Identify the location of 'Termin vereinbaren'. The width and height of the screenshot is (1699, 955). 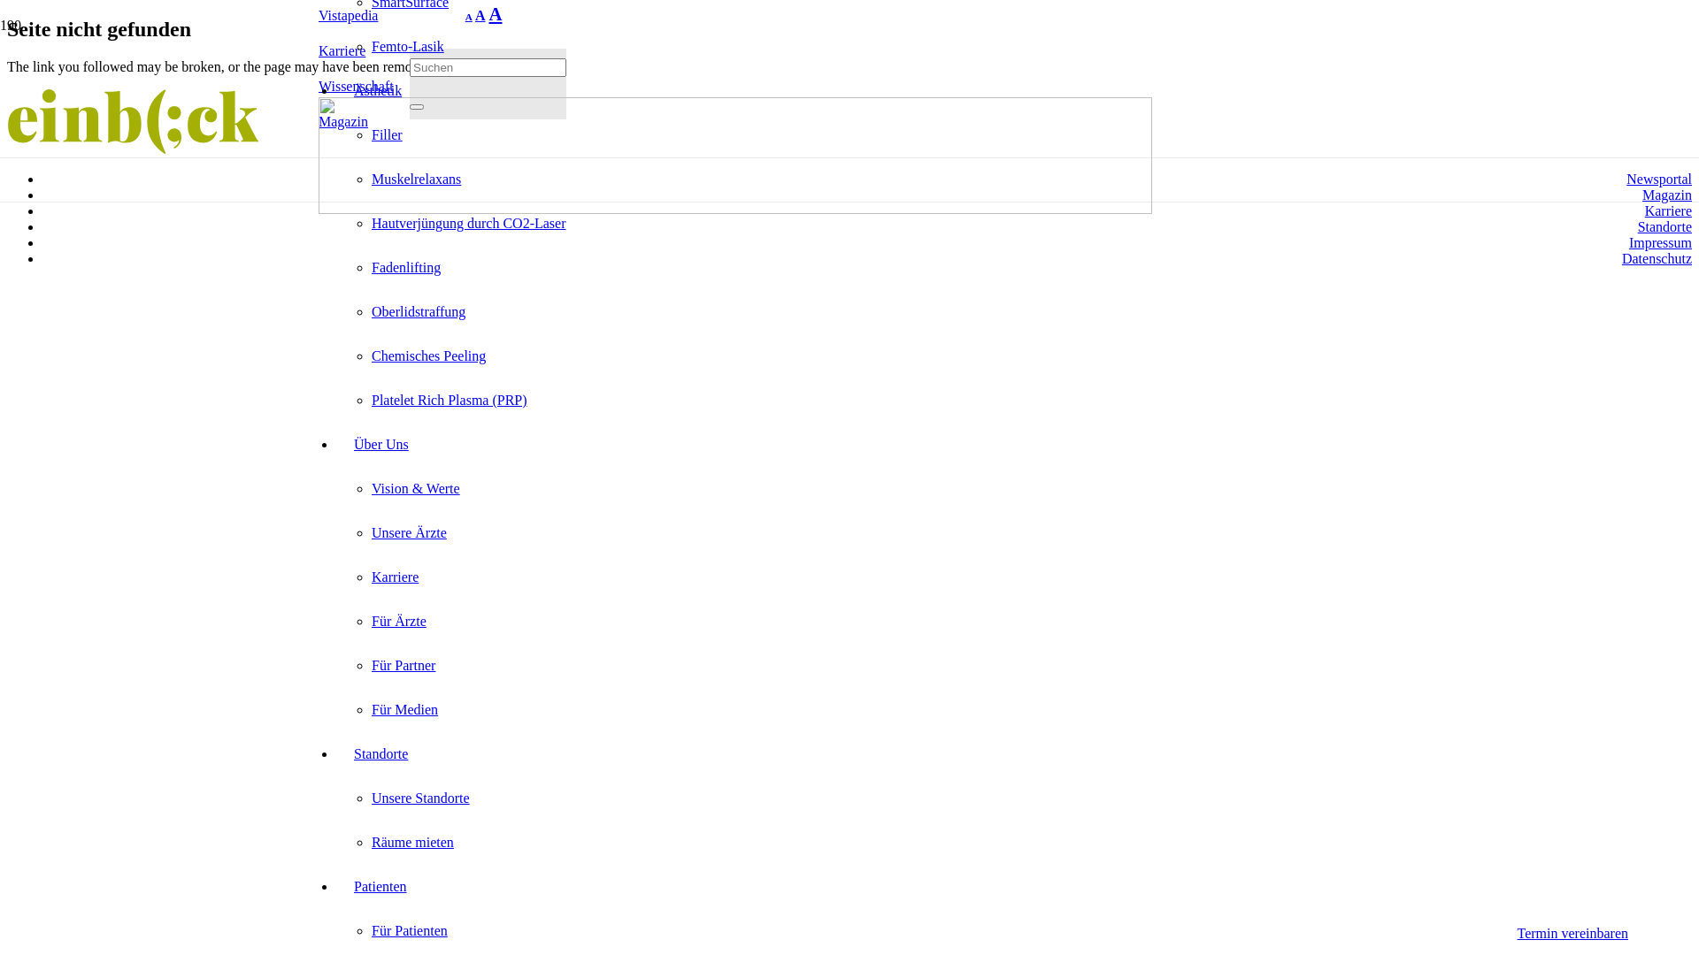
(1572, 933).